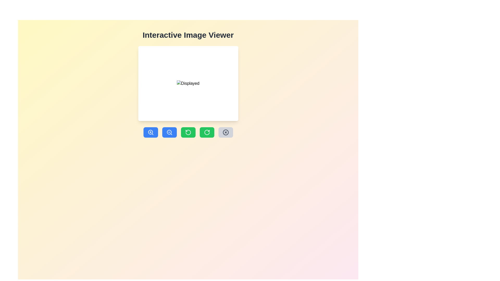 The width and height of the screenshot is (500, 281). What do you see at coordinates (226, 132) in the screenshot?
I see `the gray button with rounded corners containing an 'X' symbol inside a circle, which is the sixth button in a horizontal row beneath the 'Interactive Image Viewer'` at bounding box center [226, 132].